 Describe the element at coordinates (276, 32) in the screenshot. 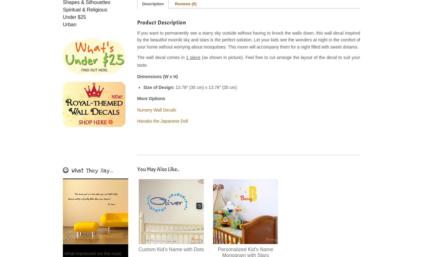

I see `'without having to knock the walls down,'` at that location.